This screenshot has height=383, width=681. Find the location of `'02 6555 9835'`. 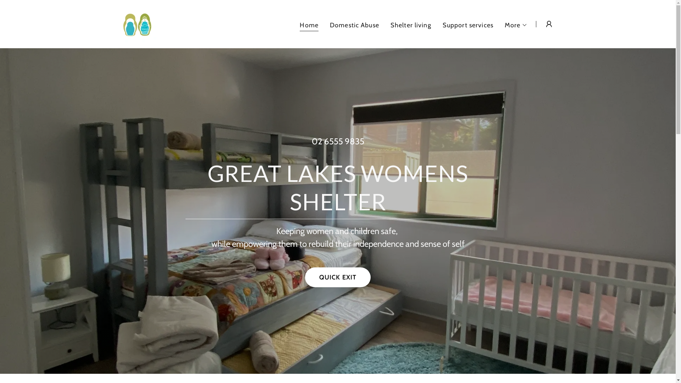

'02 6555 9835' is located at coordinates (337, 141).